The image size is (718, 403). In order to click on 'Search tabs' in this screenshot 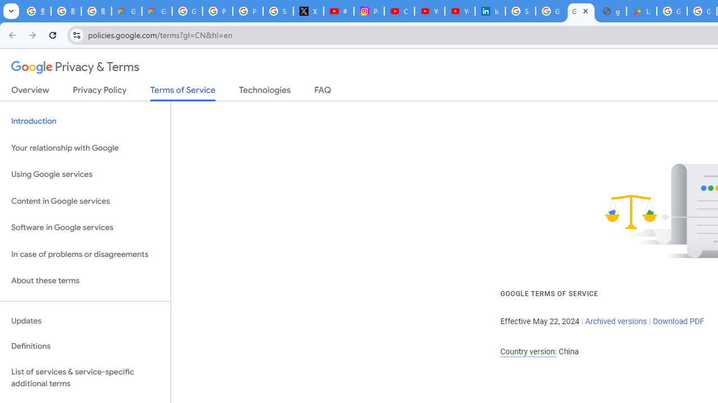, I will do `click(11, 11)`.